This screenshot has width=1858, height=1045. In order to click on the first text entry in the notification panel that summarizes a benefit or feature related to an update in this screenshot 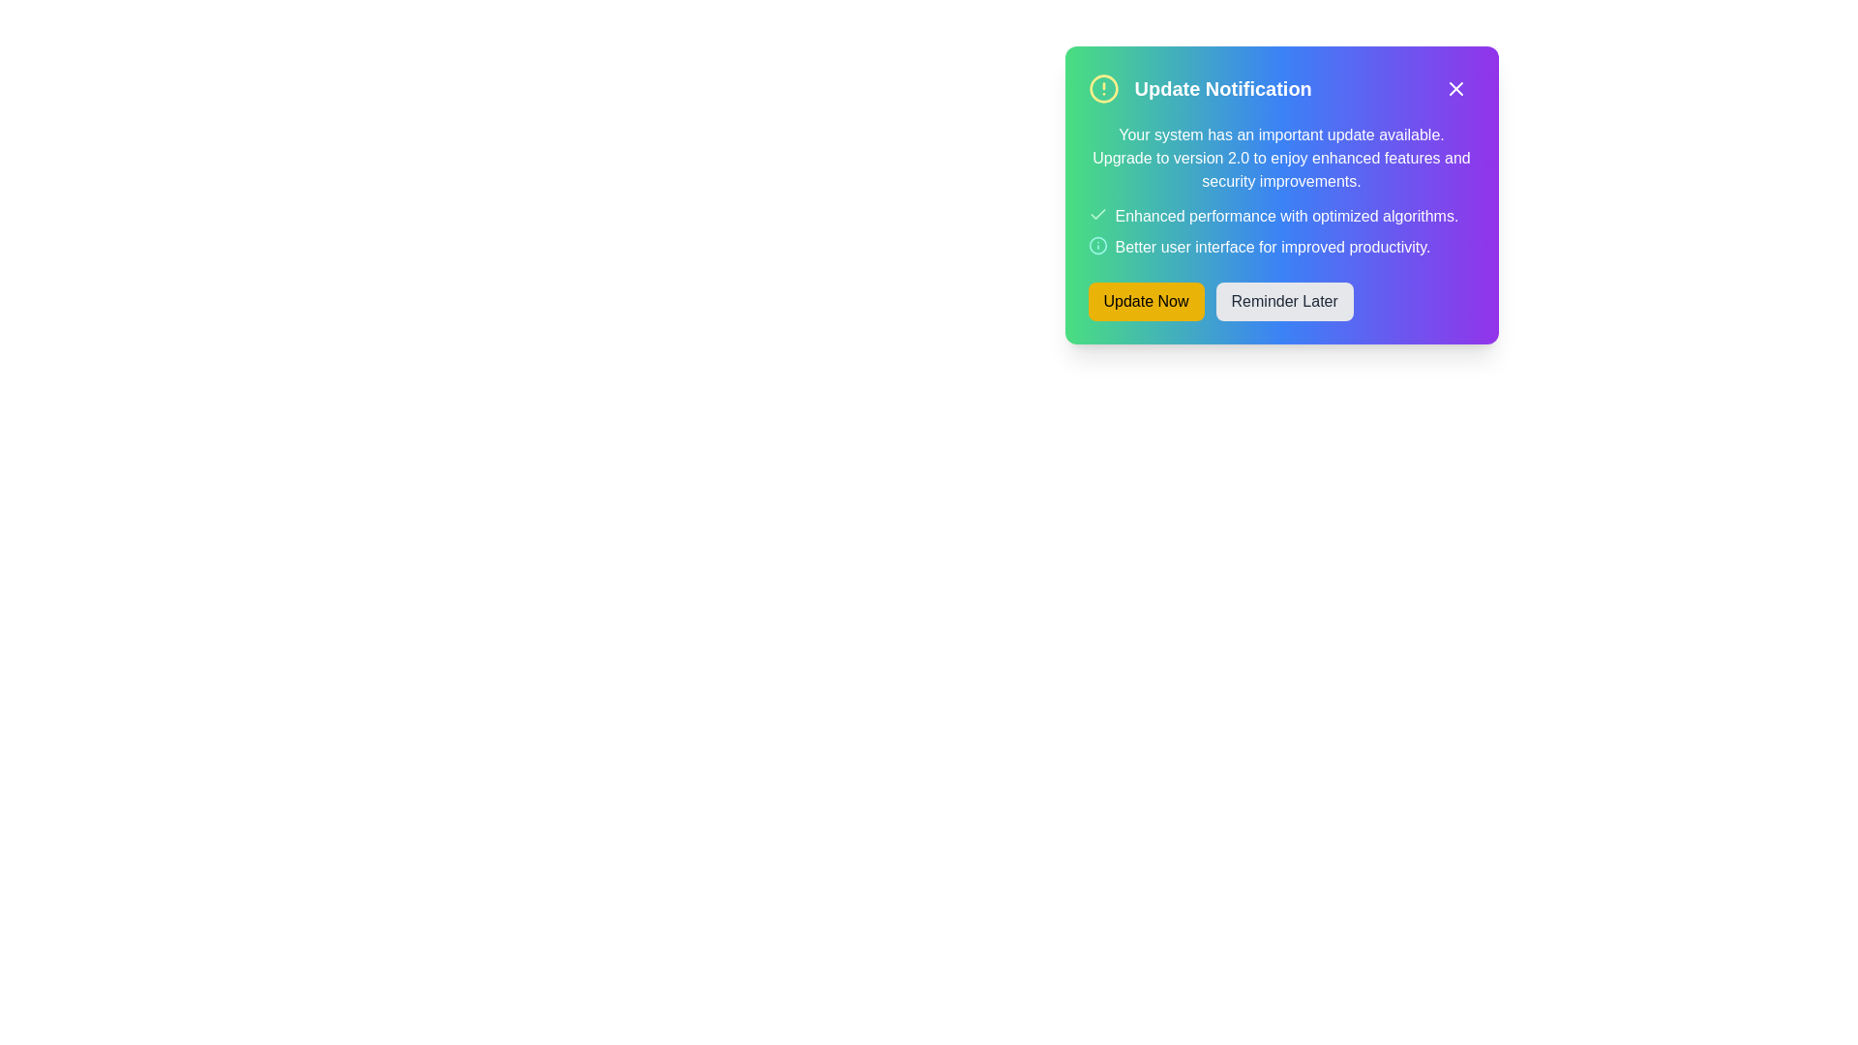, I will do `click(1281, 216)`.